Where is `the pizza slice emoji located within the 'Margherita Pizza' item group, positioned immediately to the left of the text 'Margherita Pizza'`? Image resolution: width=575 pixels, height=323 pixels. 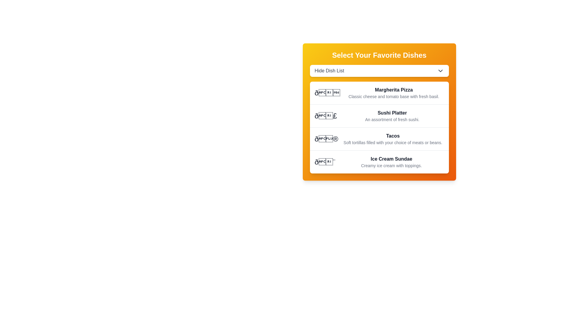 the pizza slice emoji located within the 'Margherita Pizza' item group, positioned immediately to the left of the text 'Margherita Pizza' is located at coordinates (327, 93).